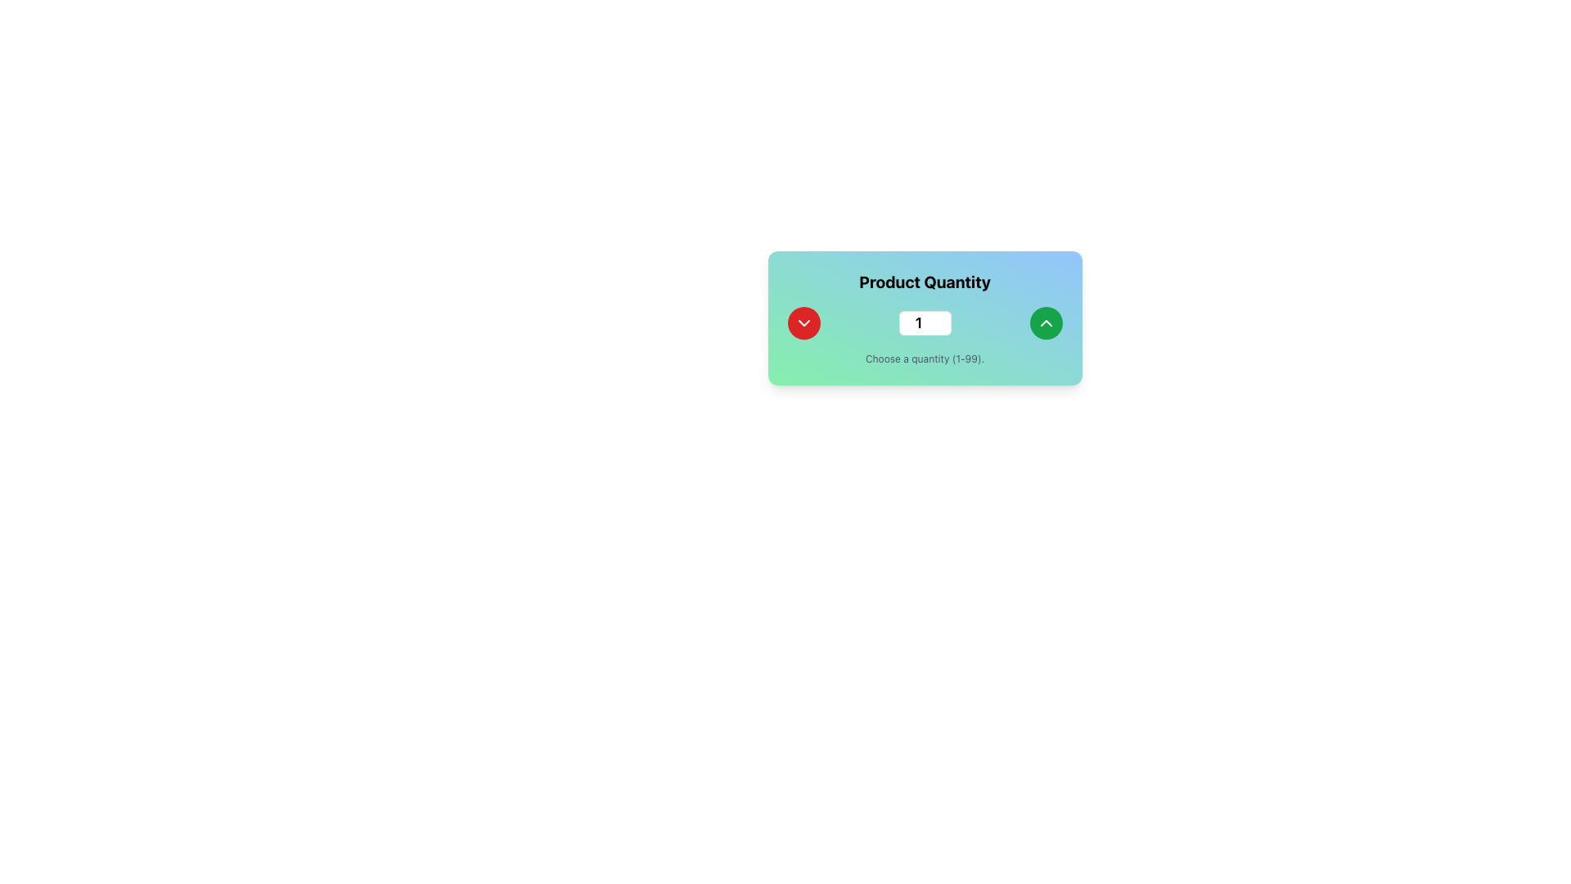  What do you see at coordinates (804, 322) in the screenshot?
I see `the circular red button with a white downward arrow icon to observe its hover effect` at bounding box center [804, 322].